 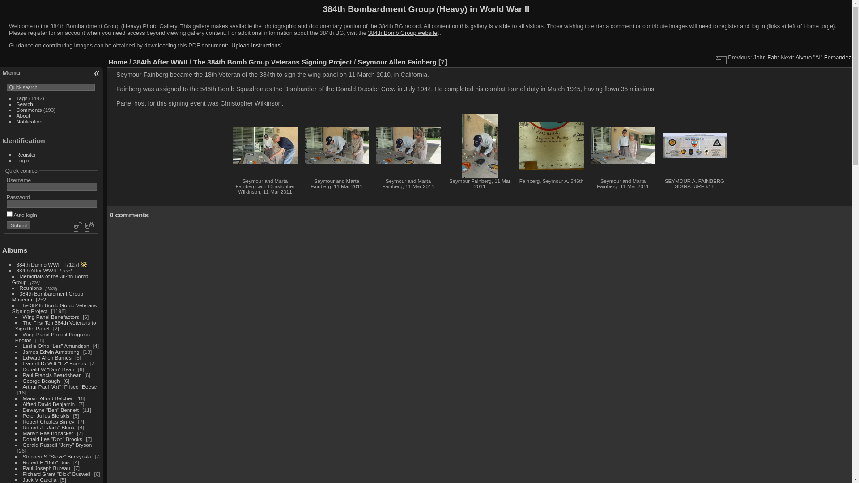 I want to click on 'Arthur Paul "Art" "Frisco" Beese', so click(x=23, y=386).